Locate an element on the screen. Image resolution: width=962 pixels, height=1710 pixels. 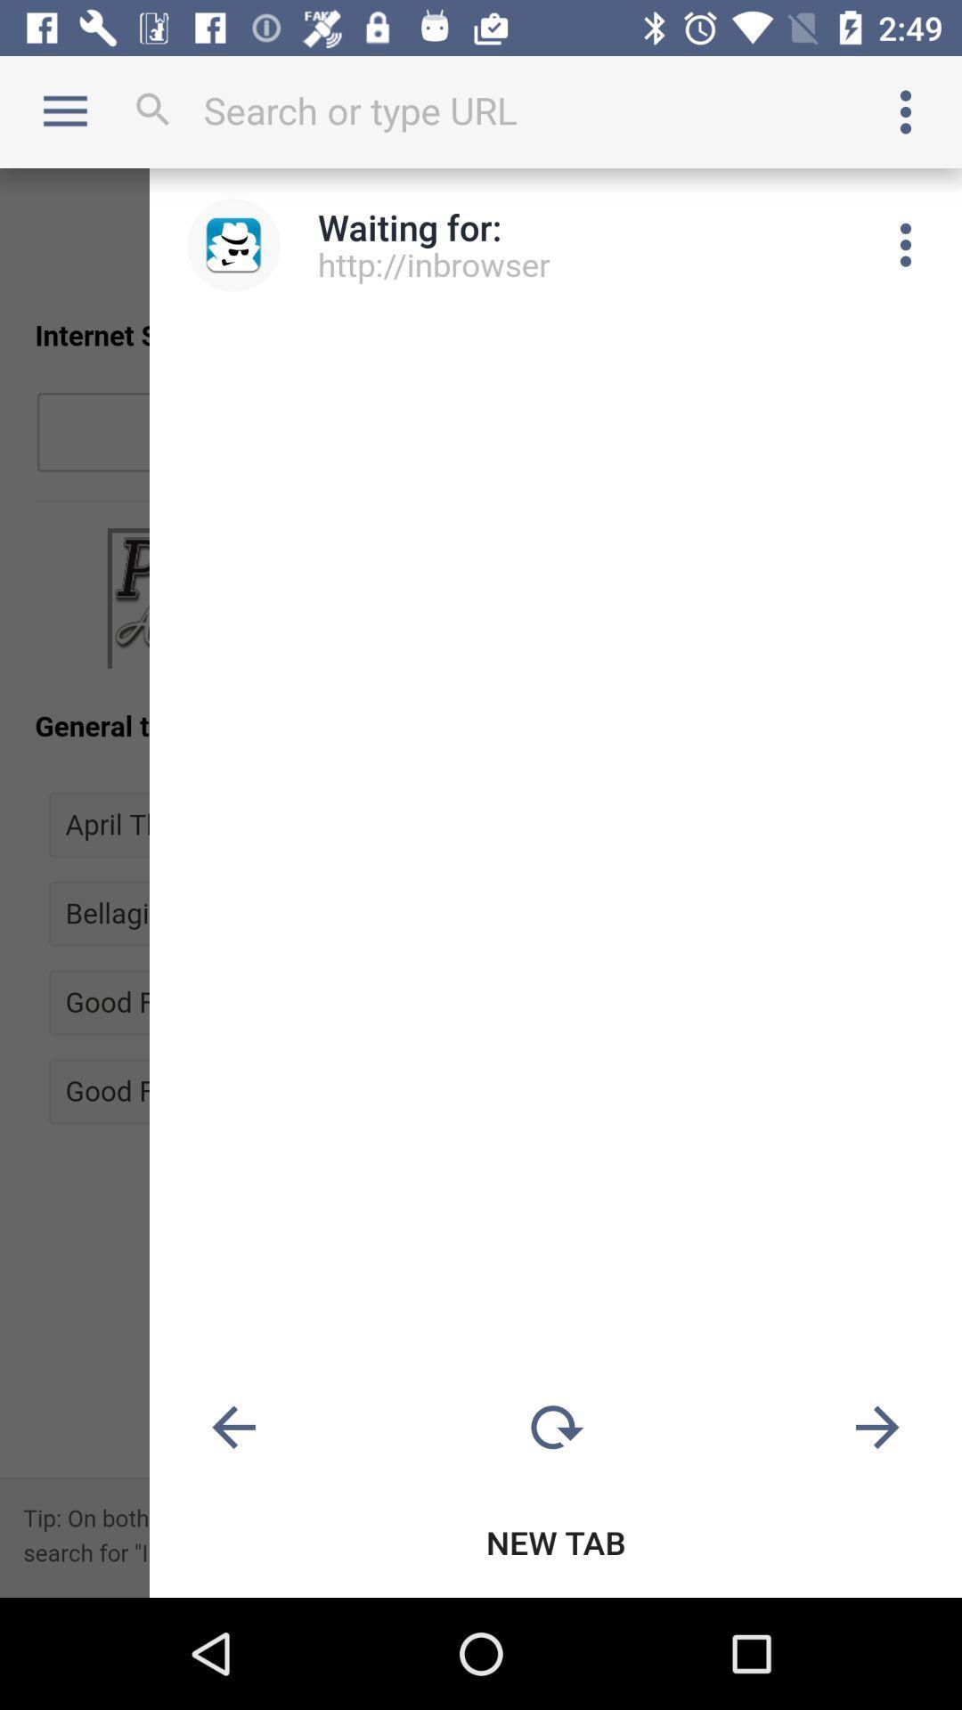
next tab is located at coordinates (876, 1428).